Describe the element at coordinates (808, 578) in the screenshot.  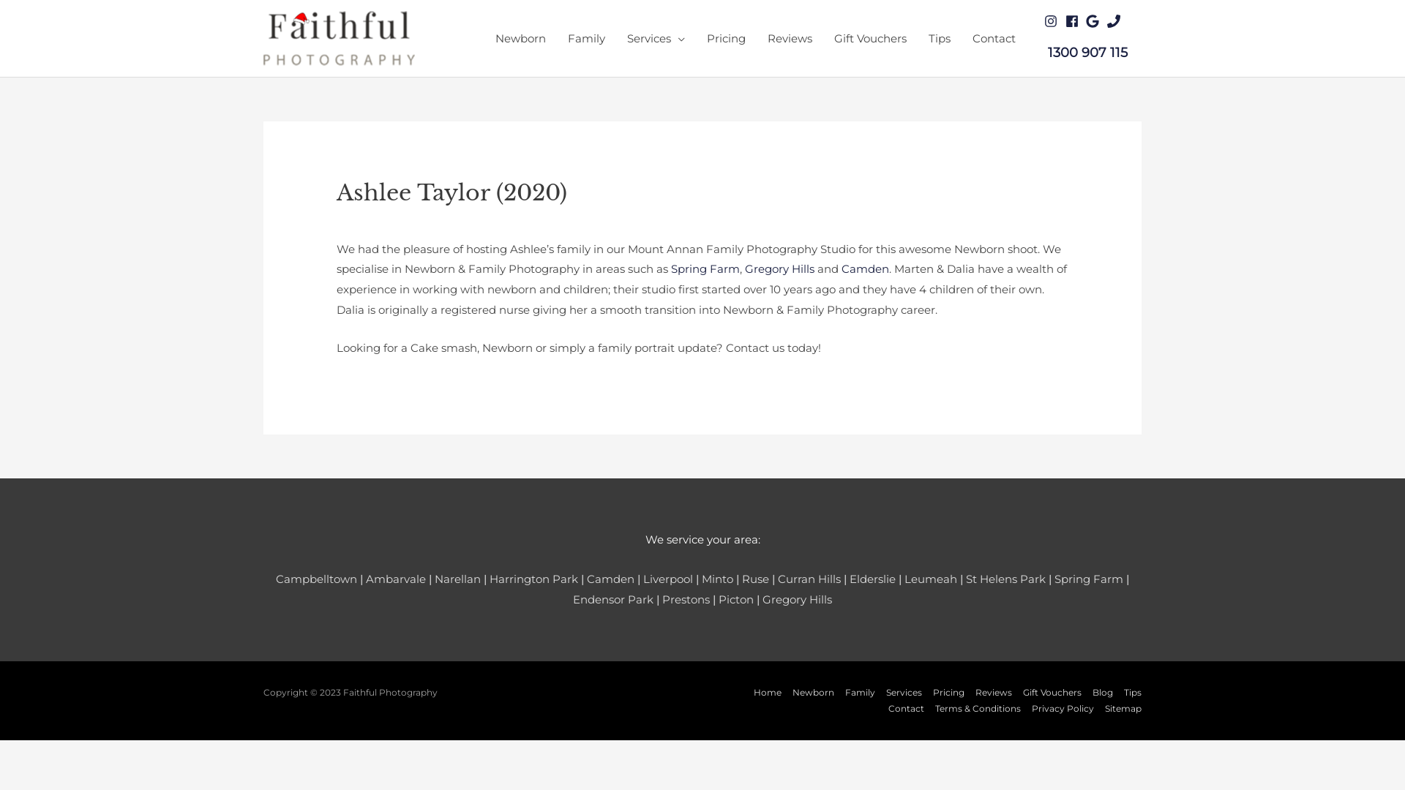
I see `'Curran Hills'` at that location.